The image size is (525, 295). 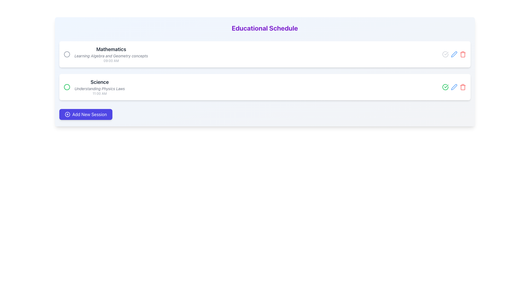 What do you see at coordinates (67, 114) in the screenshot?
I see `the circular icon with a plus sign located at the left side of the 'Add New Session' button` at bounding box center [67, 114].